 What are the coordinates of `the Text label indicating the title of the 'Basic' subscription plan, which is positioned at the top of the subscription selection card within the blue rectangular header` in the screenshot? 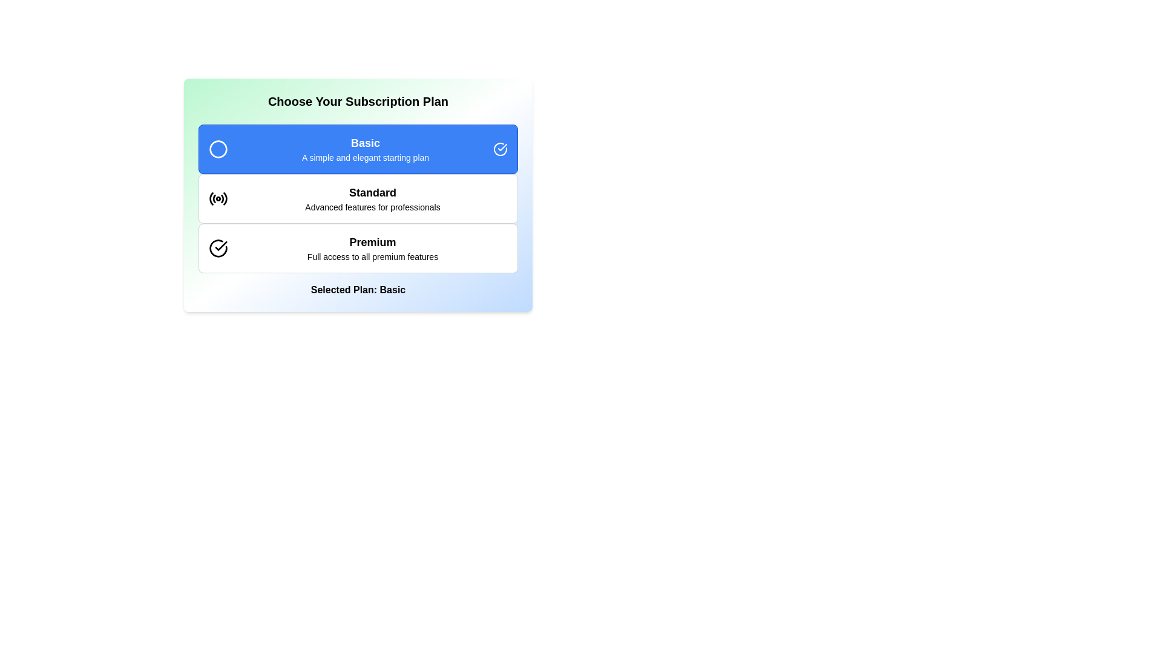 It's located at (365, 142).